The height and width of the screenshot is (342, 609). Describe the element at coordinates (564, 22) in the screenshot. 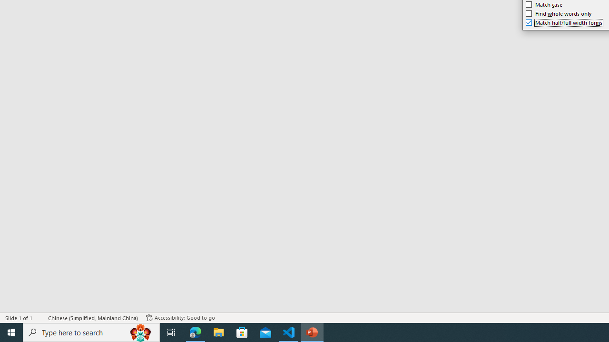

I see `'Match half/full width forms'` at that location.